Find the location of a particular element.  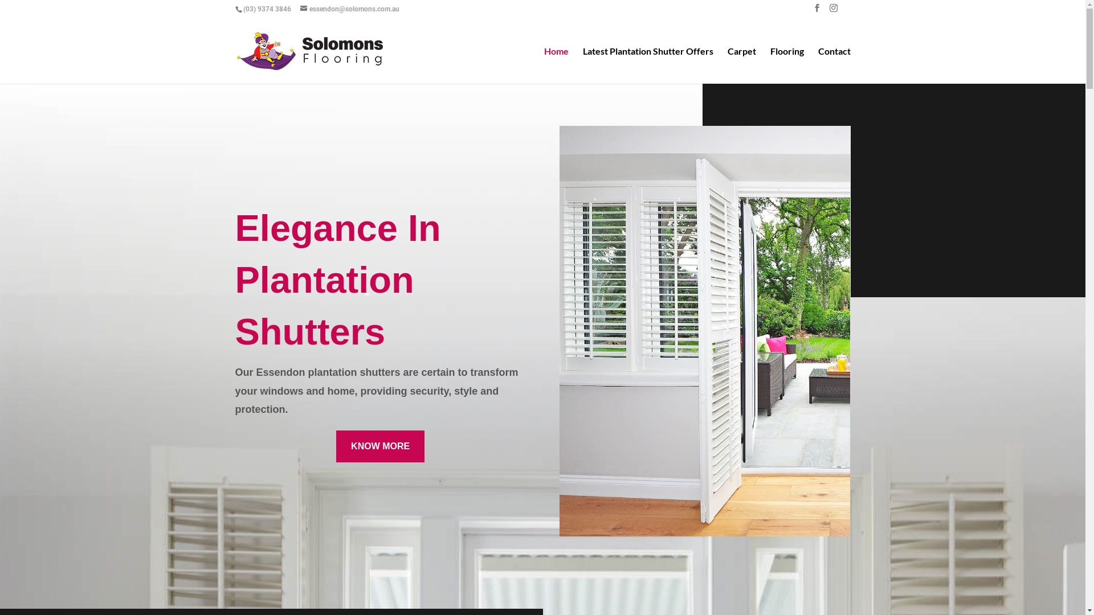

'KNOW MORE' is located at coordinates (380, 446).